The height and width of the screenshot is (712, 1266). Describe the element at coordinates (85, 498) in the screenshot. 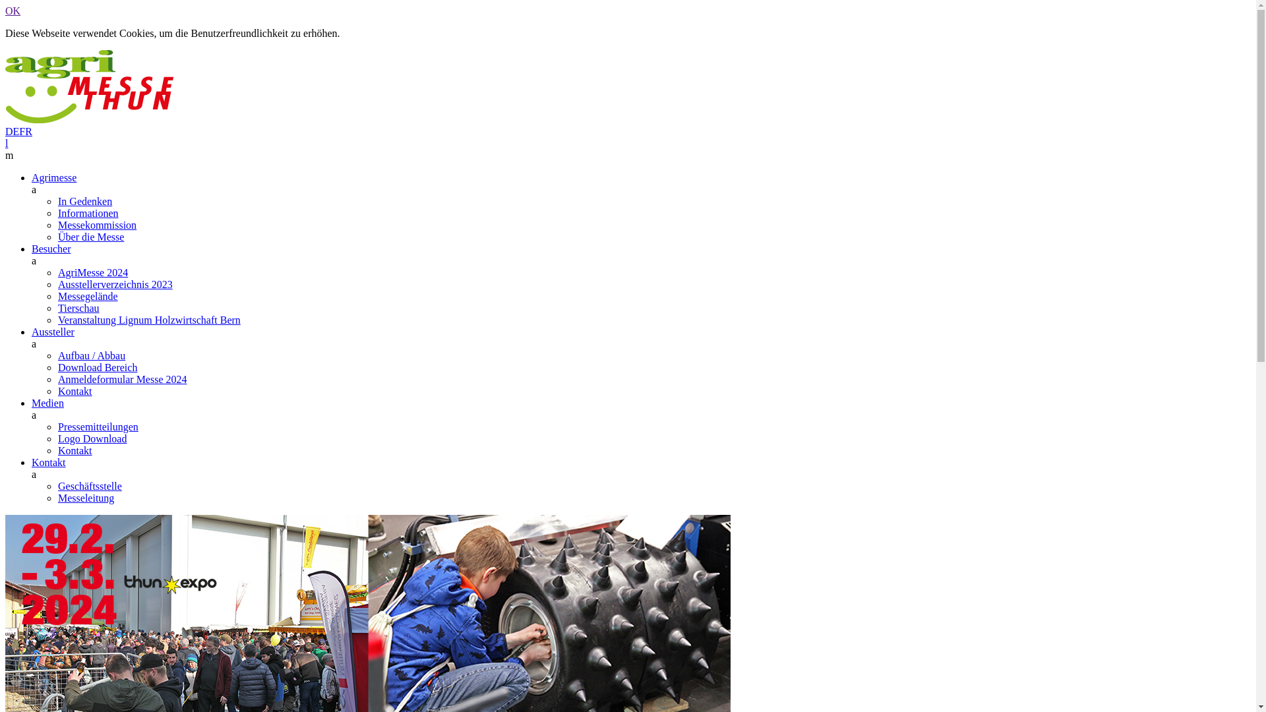

I see `'Messeleitung'` at that location.